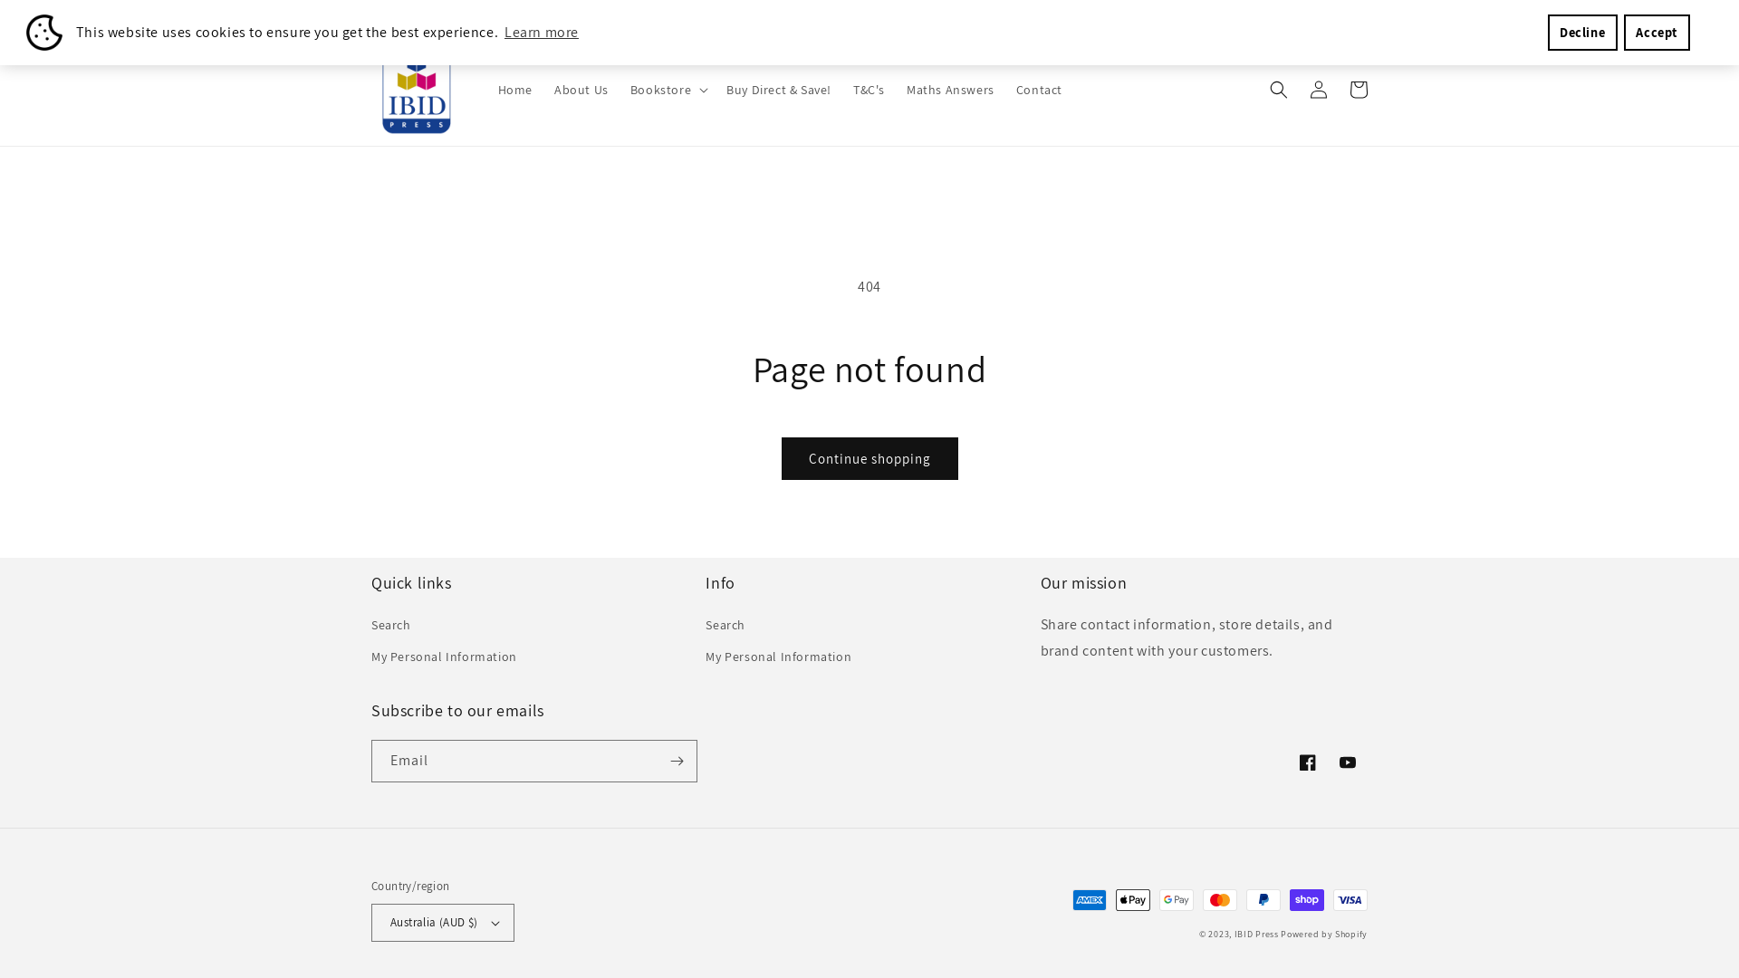 The height and width of the screenshot is (978, 1739). Describe the element at coordinates (868, 90) in the screenshot. I see `'T&C's'` at that location.